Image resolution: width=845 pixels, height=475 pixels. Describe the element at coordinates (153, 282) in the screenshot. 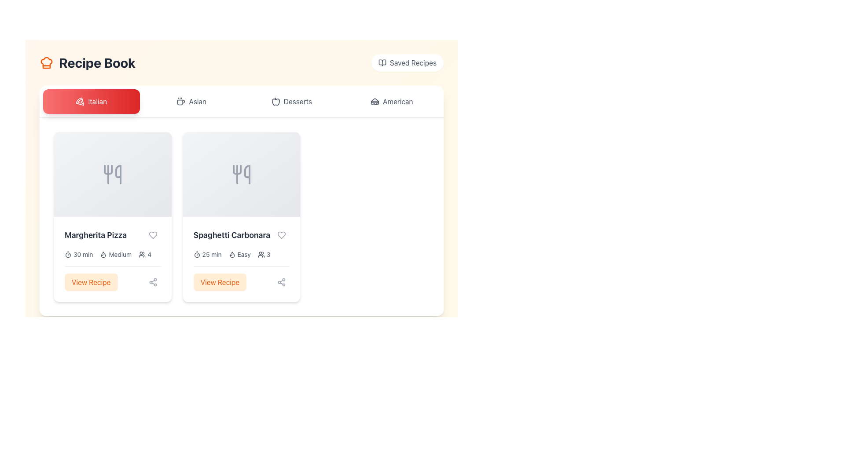

I see `the small circular icon resembling a share symbol located in the bottom right corner of the 'Margherita Pizza' recipe card` at that location.